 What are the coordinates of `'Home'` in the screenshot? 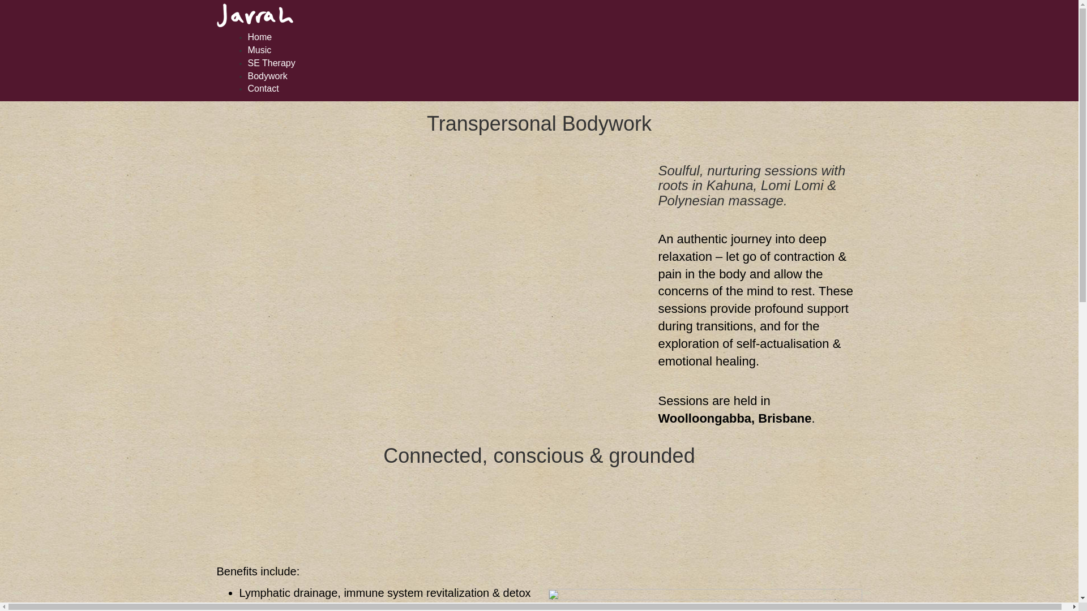 It's located at (259, 36).